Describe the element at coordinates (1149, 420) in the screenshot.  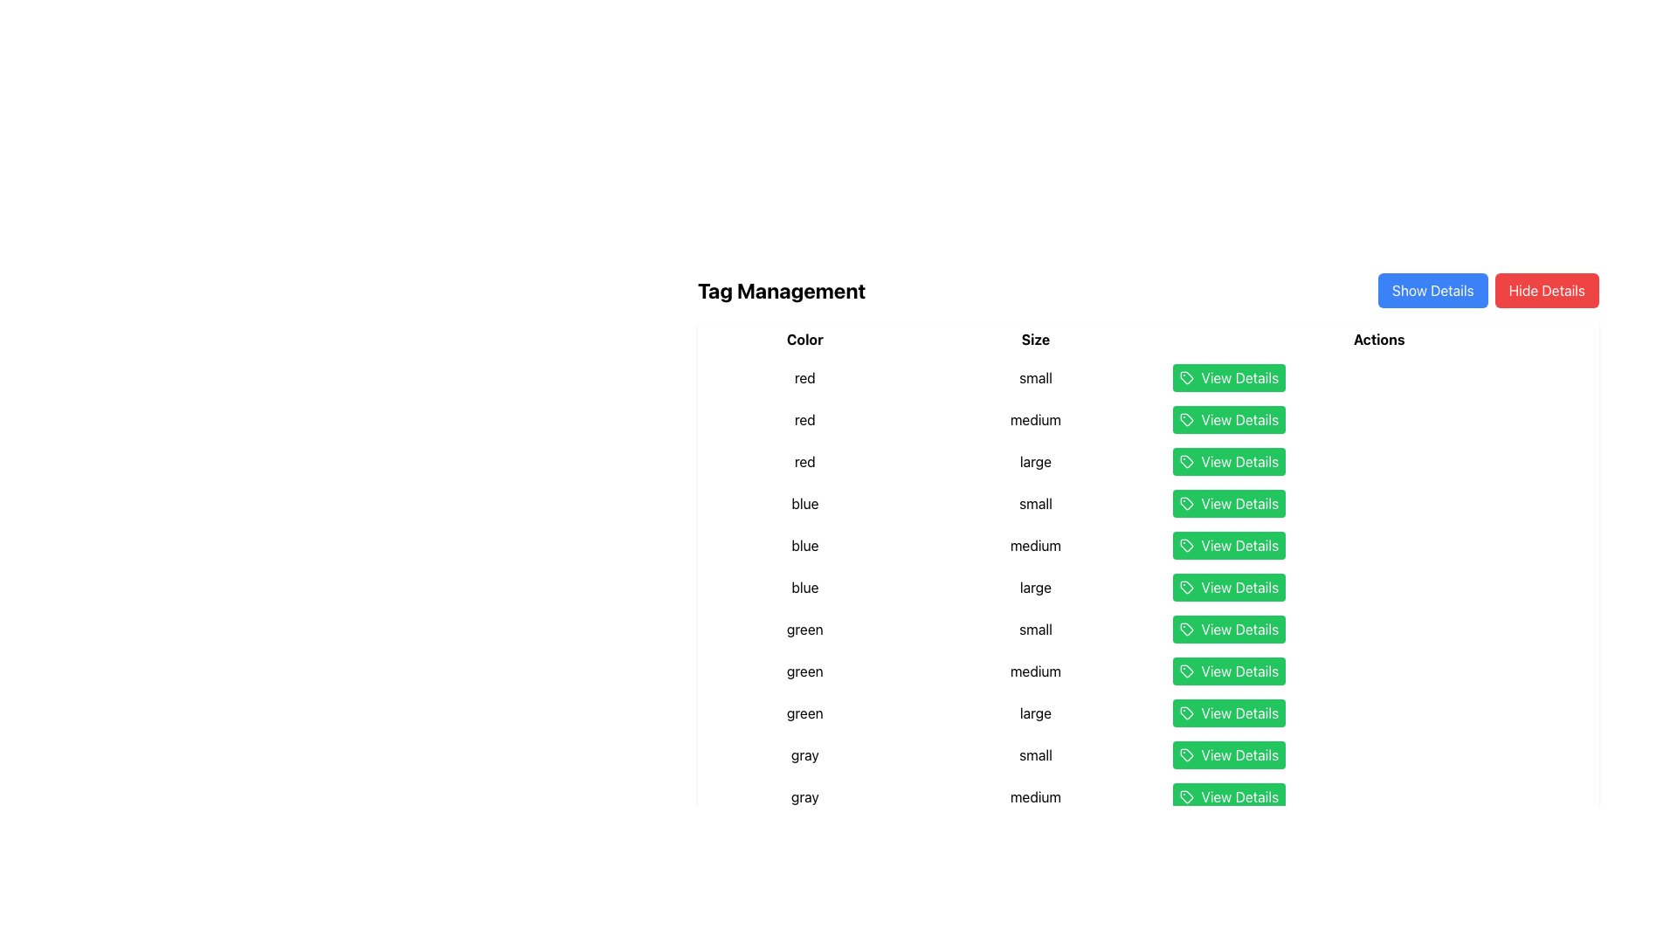
I see `the second row of the table, which contains the values 'red', 'medium', and the 'View Details' button` at that location.